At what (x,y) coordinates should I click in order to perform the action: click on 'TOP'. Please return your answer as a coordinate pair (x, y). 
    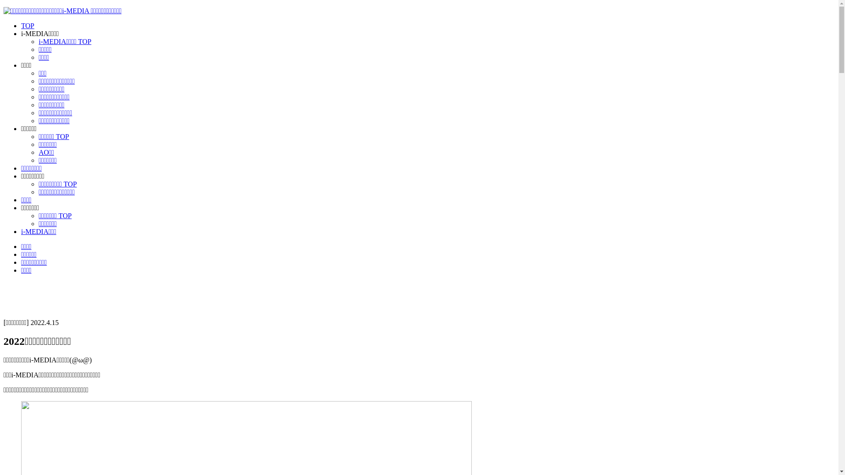
    Looking at the image, I should click on (27, 25).